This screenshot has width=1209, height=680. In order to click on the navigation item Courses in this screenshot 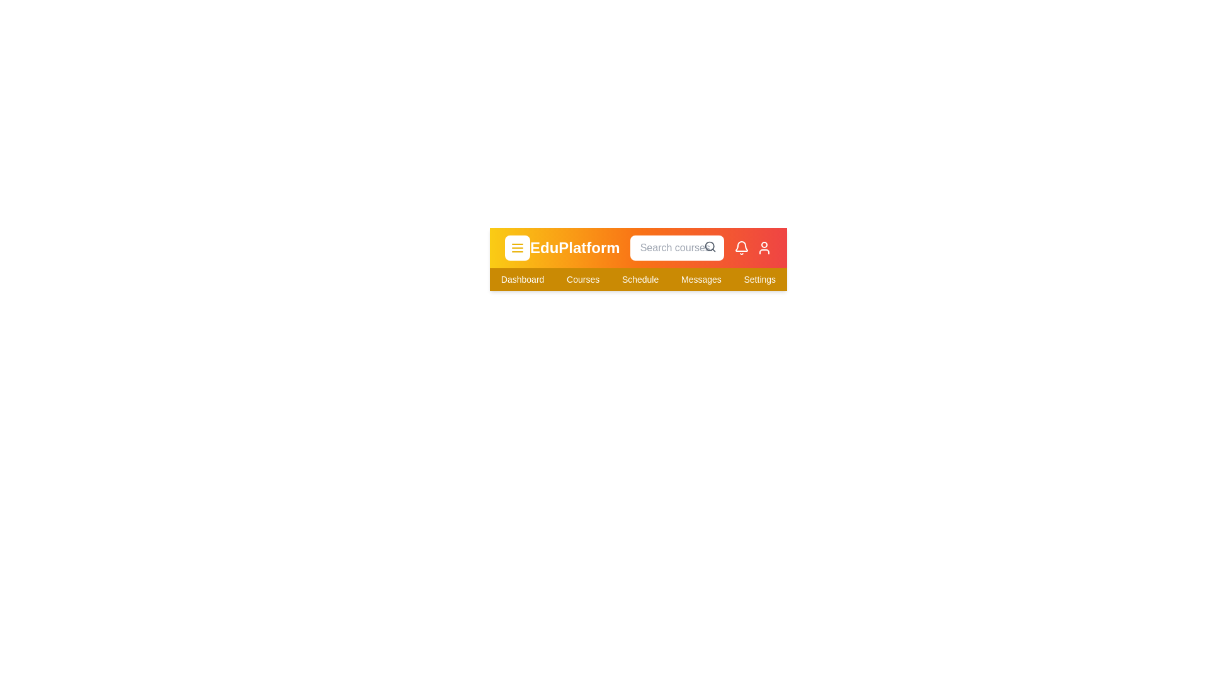, I will do `click(582, 278)`.